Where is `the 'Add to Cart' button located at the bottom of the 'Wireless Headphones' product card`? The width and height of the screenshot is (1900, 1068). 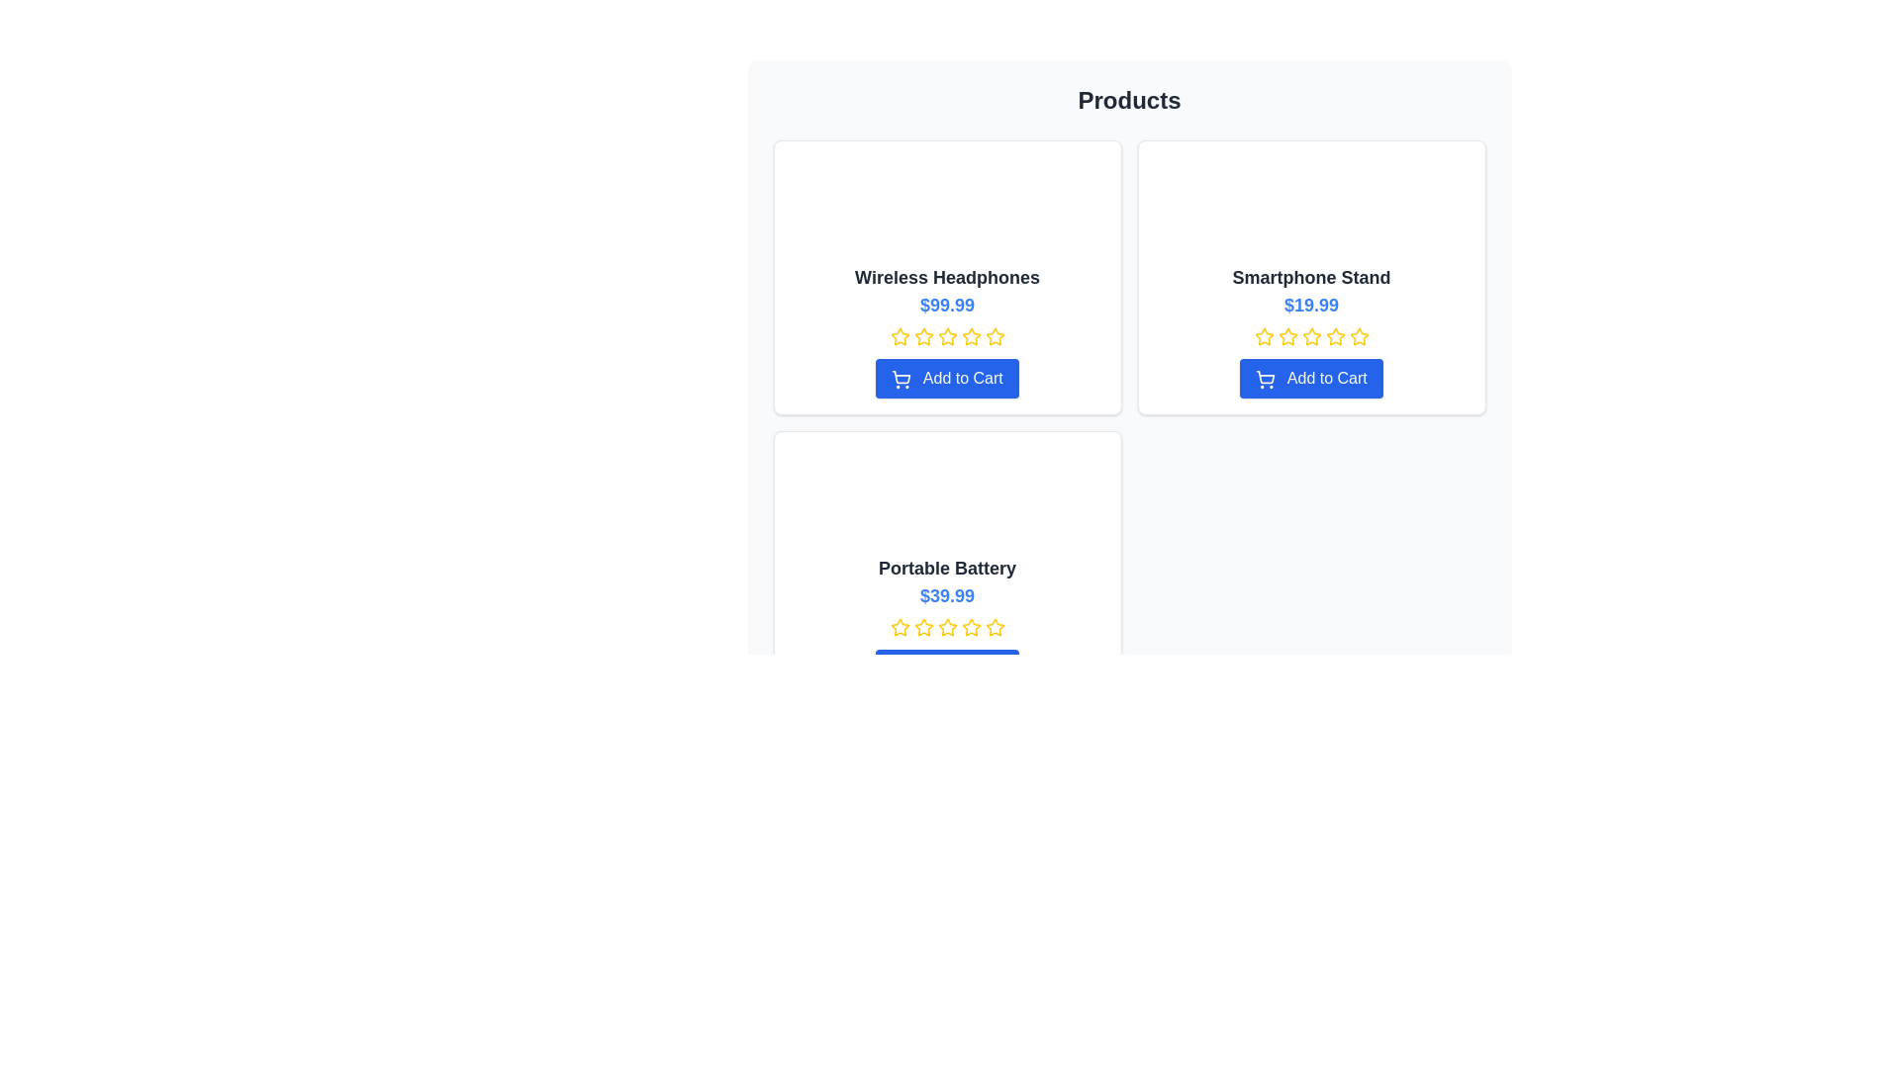
the 'Add to Cart' button located at the bottom of the 'Wireless Headphones' product card is located at coordinates (946, 378).